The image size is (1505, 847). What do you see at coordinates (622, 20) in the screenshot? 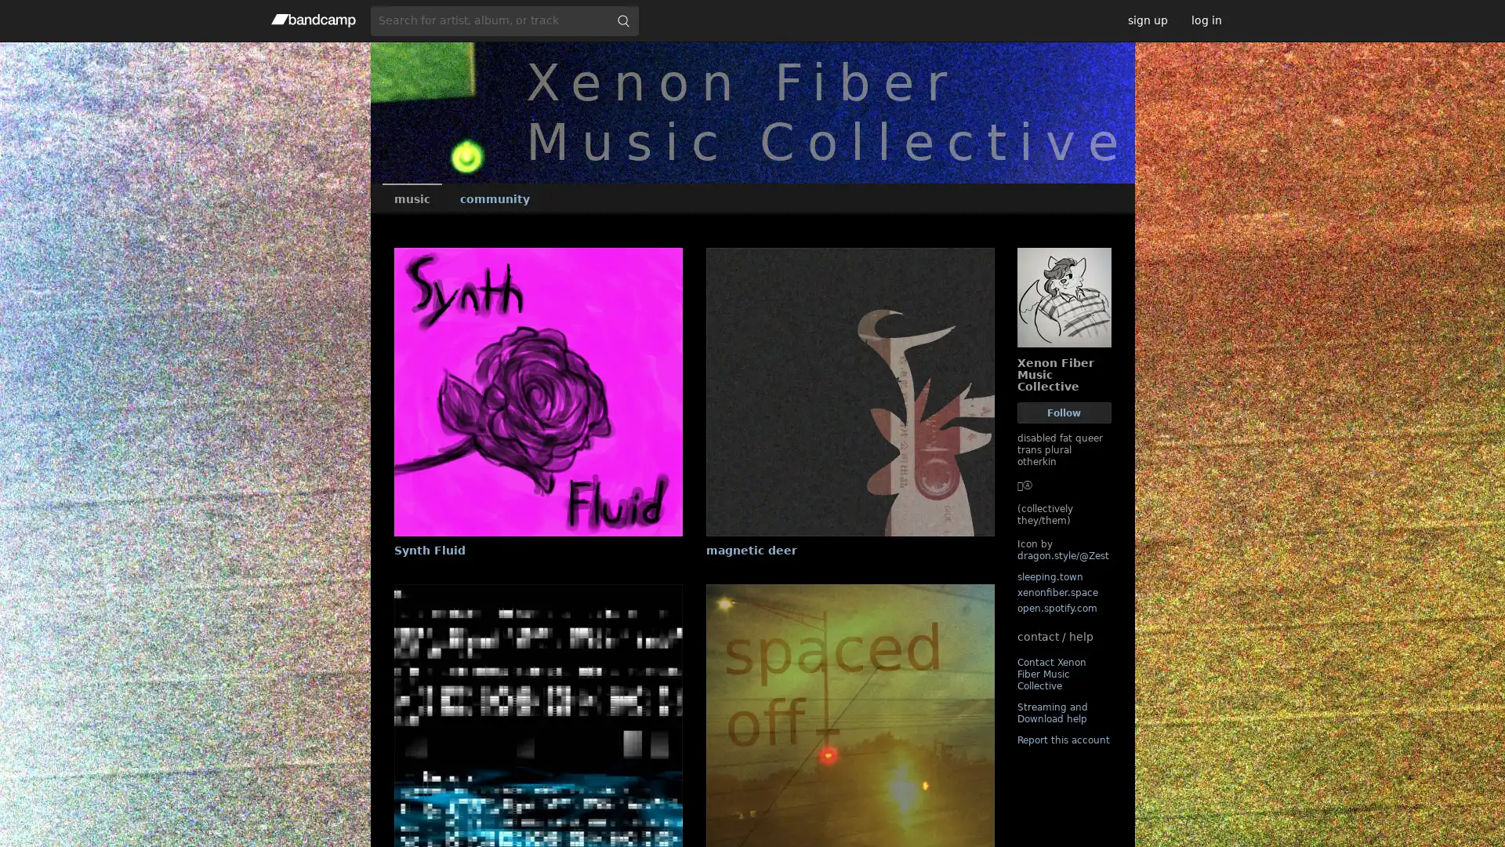
I see `submit for full search page` at bounding box center [622, 20].